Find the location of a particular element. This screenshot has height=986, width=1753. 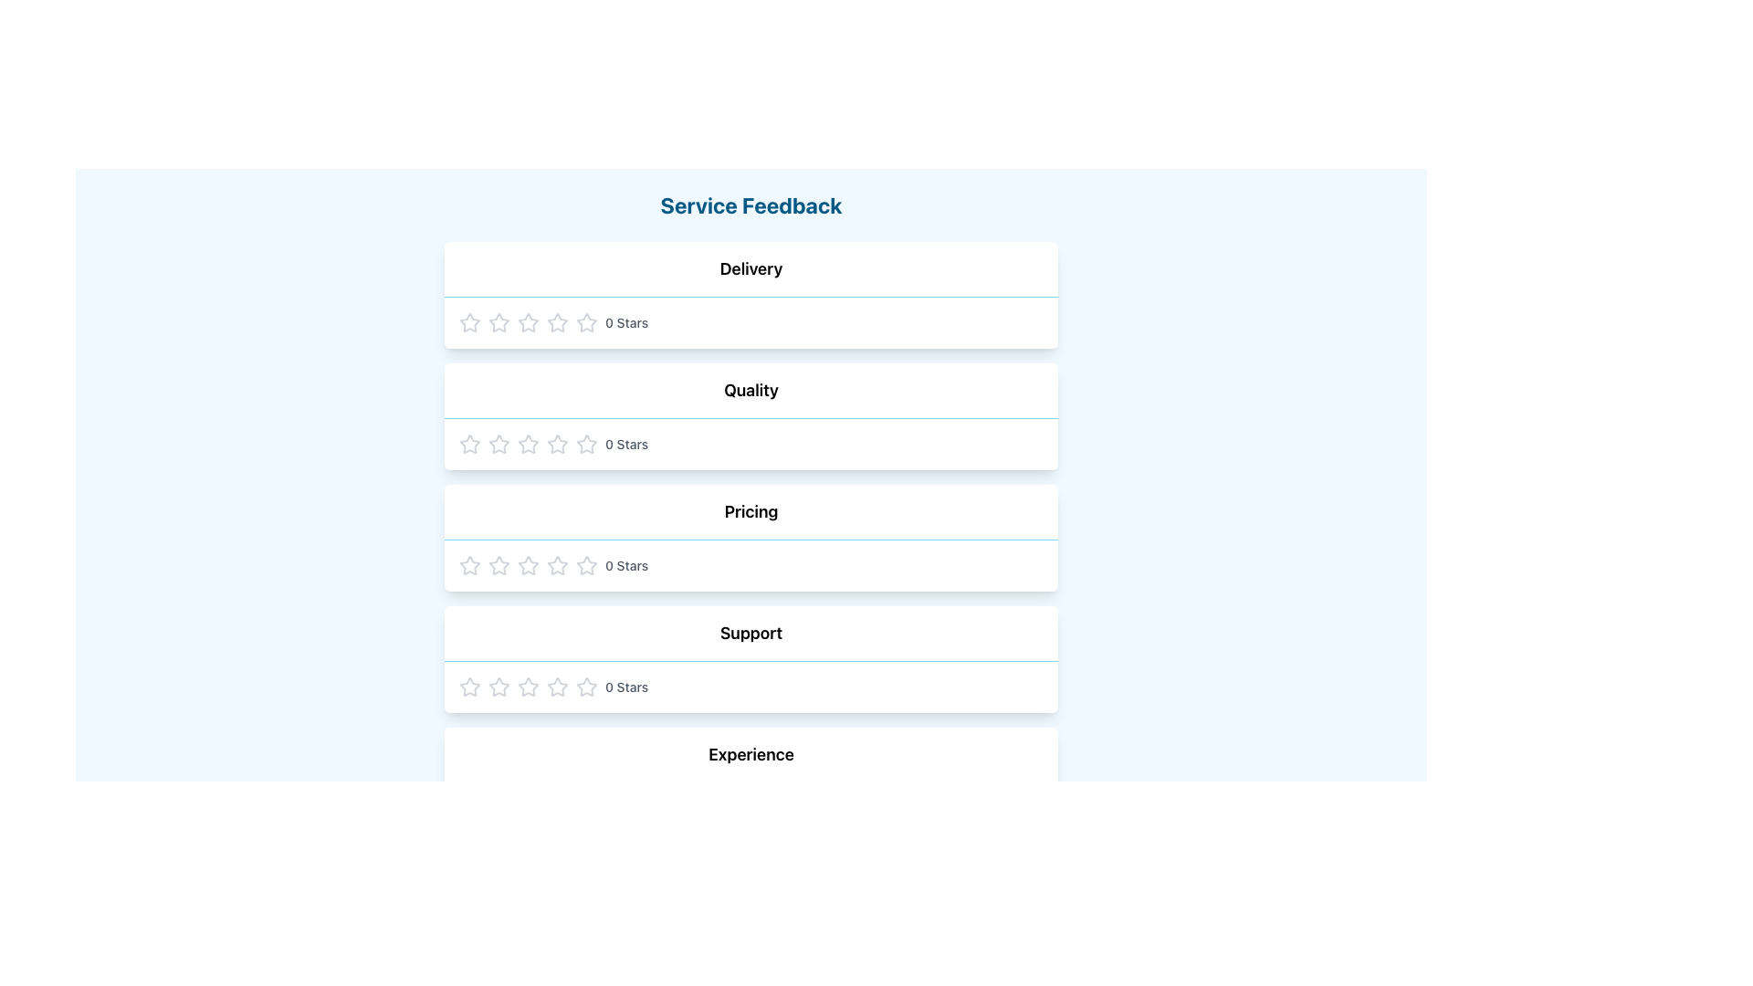

the 'Quality' Text Label, which is styled with a bold font and a blue underline, and serves as the second section header in the layout is located at coordinates (751, 390).